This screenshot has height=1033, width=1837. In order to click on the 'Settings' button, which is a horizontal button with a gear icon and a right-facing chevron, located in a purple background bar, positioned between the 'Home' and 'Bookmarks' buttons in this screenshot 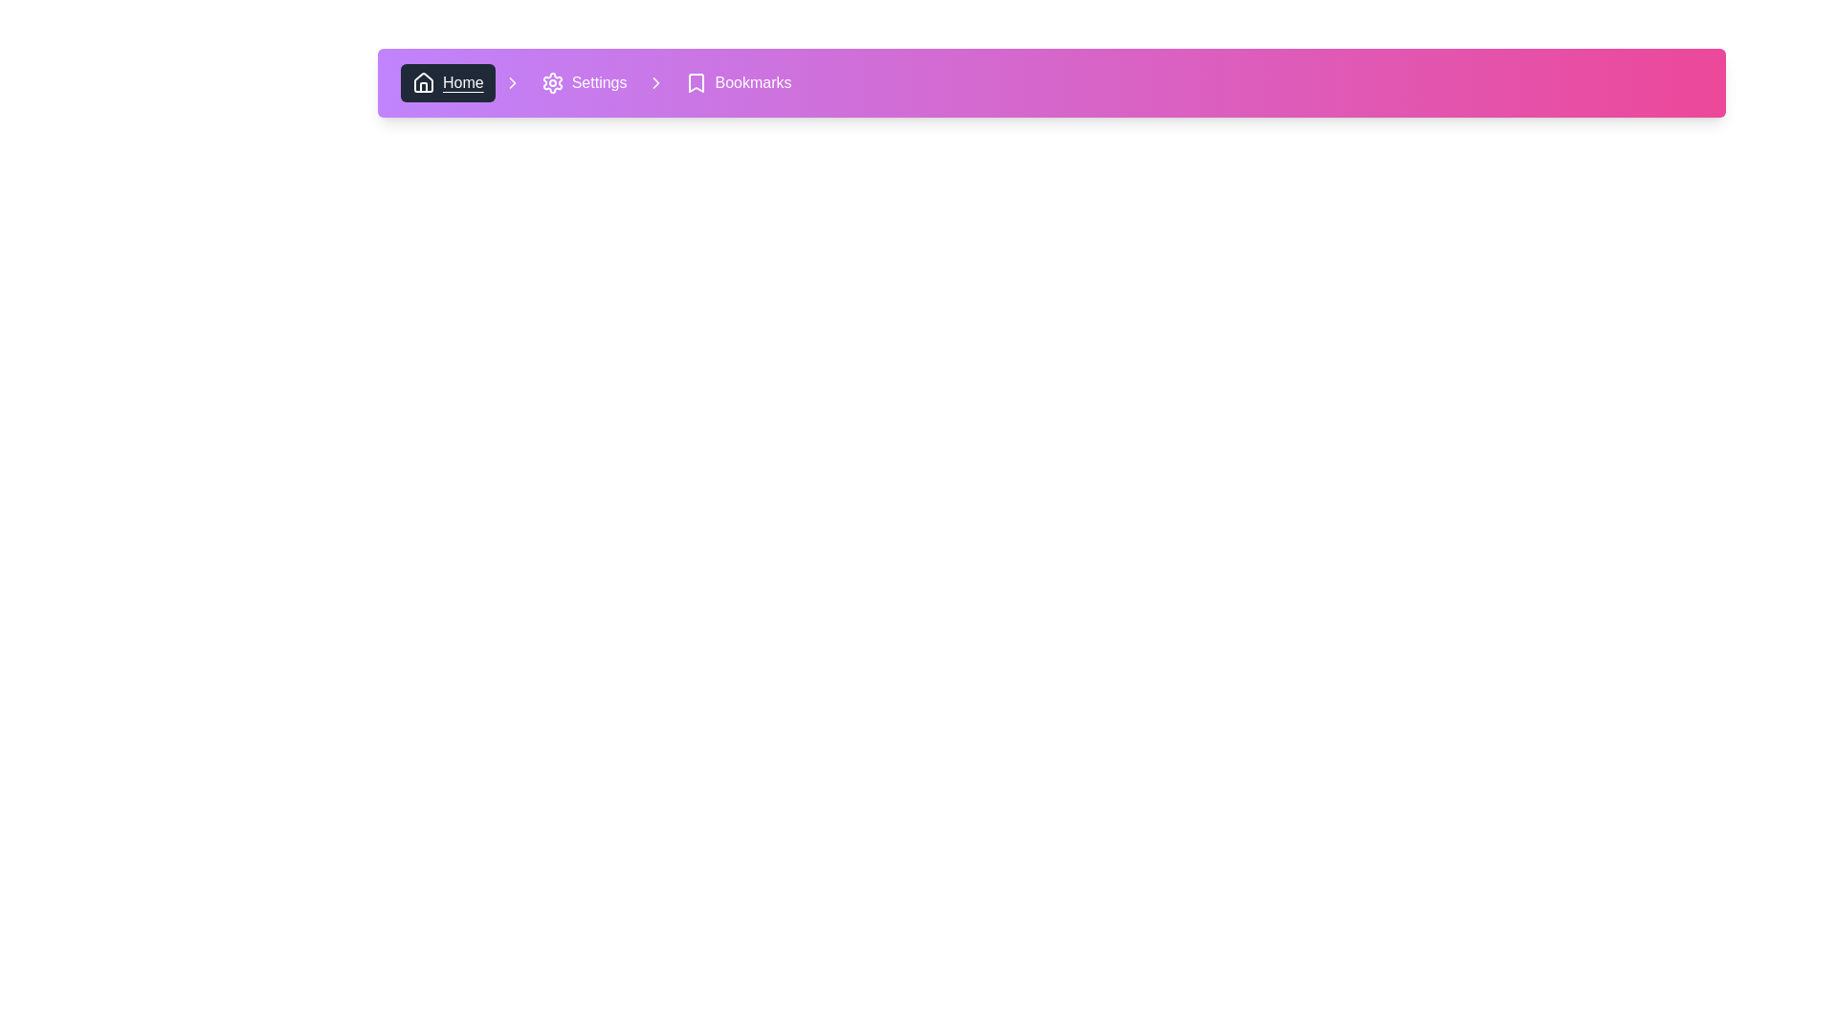, I will do `click(600, 82)`.